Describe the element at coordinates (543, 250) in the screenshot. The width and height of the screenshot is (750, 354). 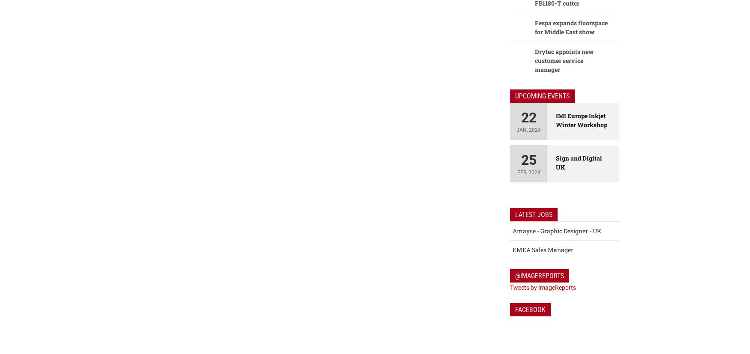
I see `'EMEA Sales Manager'` at that location.